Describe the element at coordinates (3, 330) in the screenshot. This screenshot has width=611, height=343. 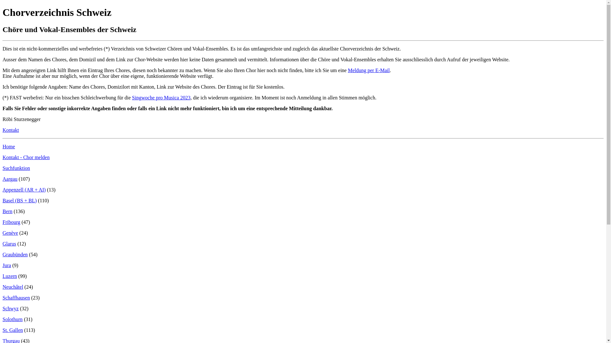
I see `'St. Gallen'` at that location.